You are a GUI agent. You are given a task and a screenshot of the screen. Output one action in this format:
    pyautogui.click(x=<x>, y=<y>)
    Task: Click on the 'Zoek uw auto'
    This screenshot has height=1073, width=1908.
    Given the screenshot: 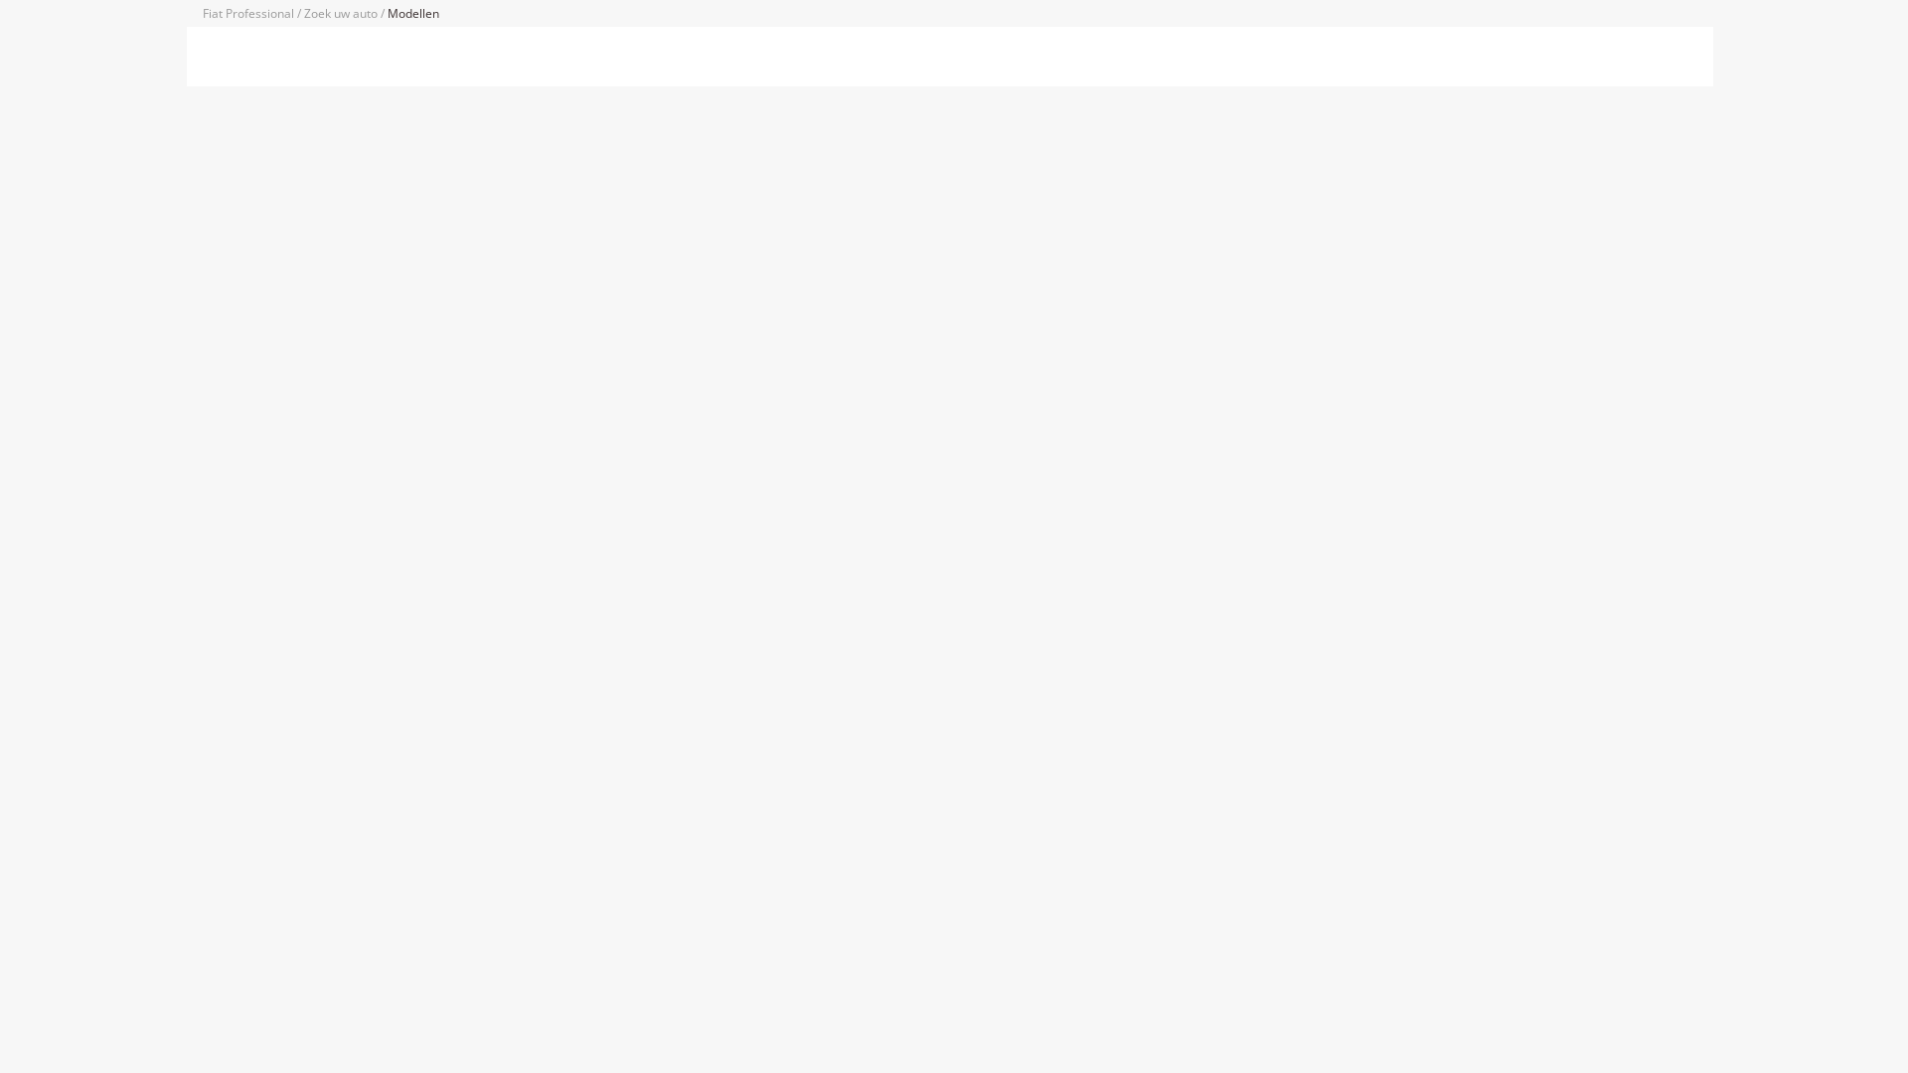 What is the action you would take?
    pyautogui.click(x=342, y=13)
    